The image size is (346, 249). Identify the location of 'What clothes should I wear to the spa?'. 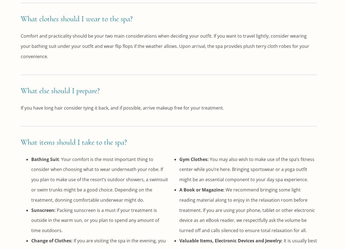
(77, 19).